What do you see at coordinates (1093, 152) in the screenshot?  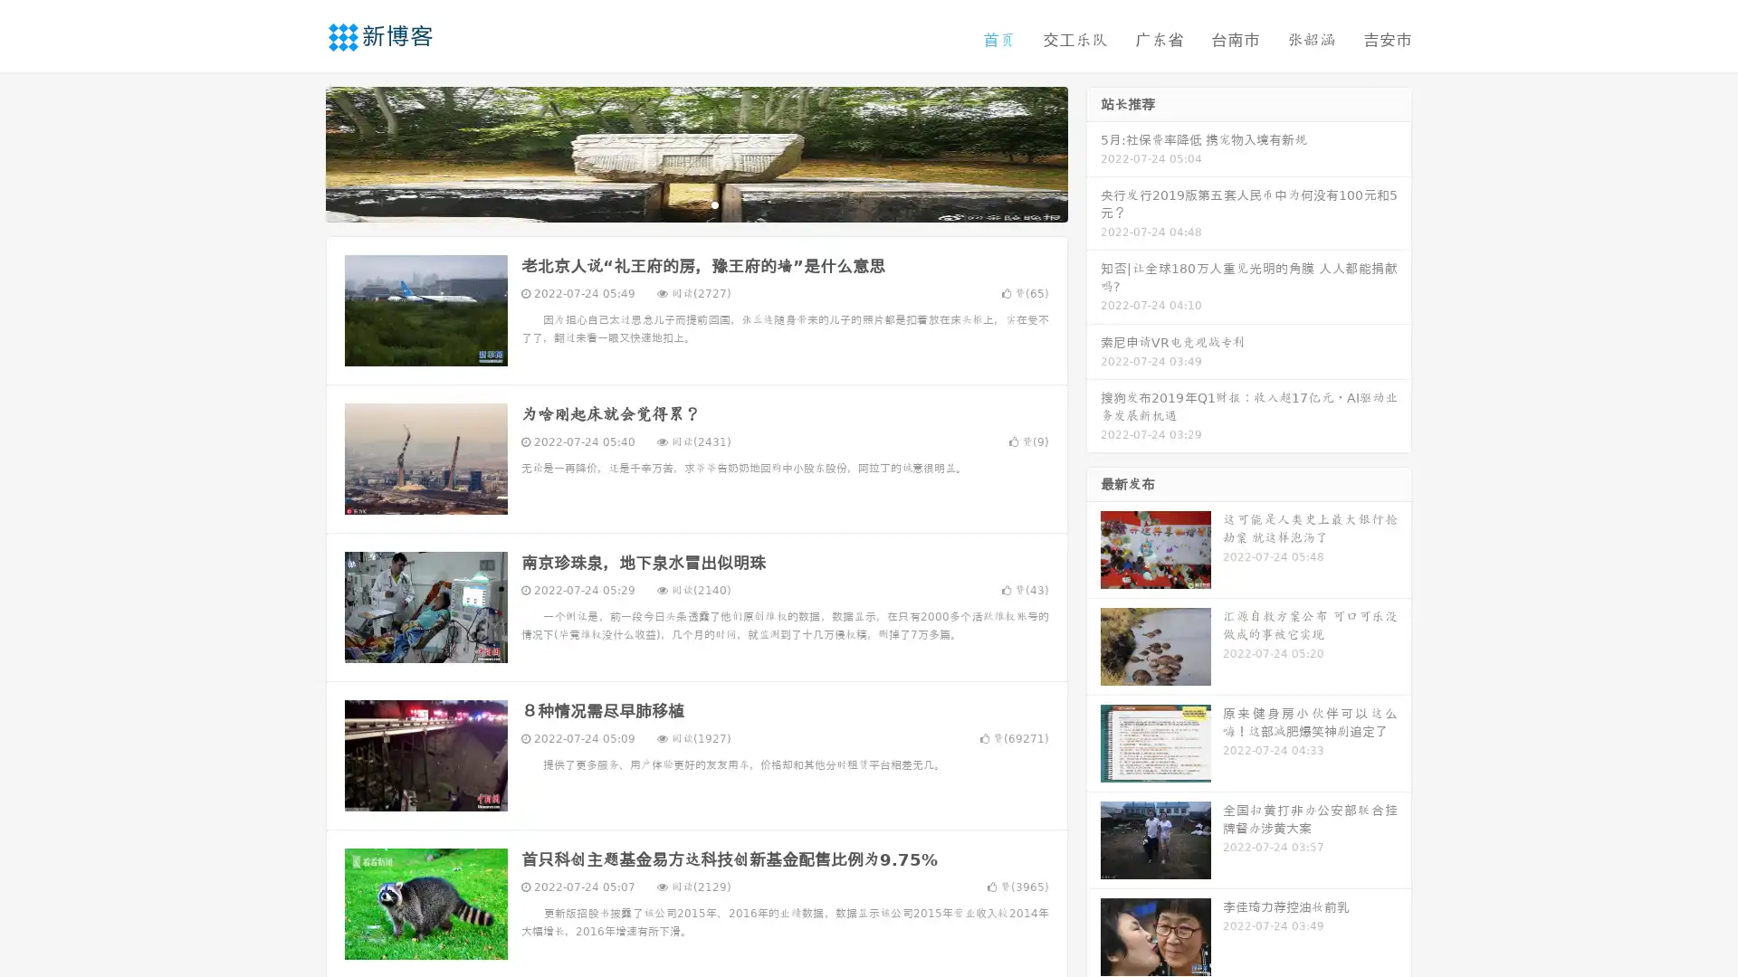 I see `Next slide` at bounding box center [1093, 152].